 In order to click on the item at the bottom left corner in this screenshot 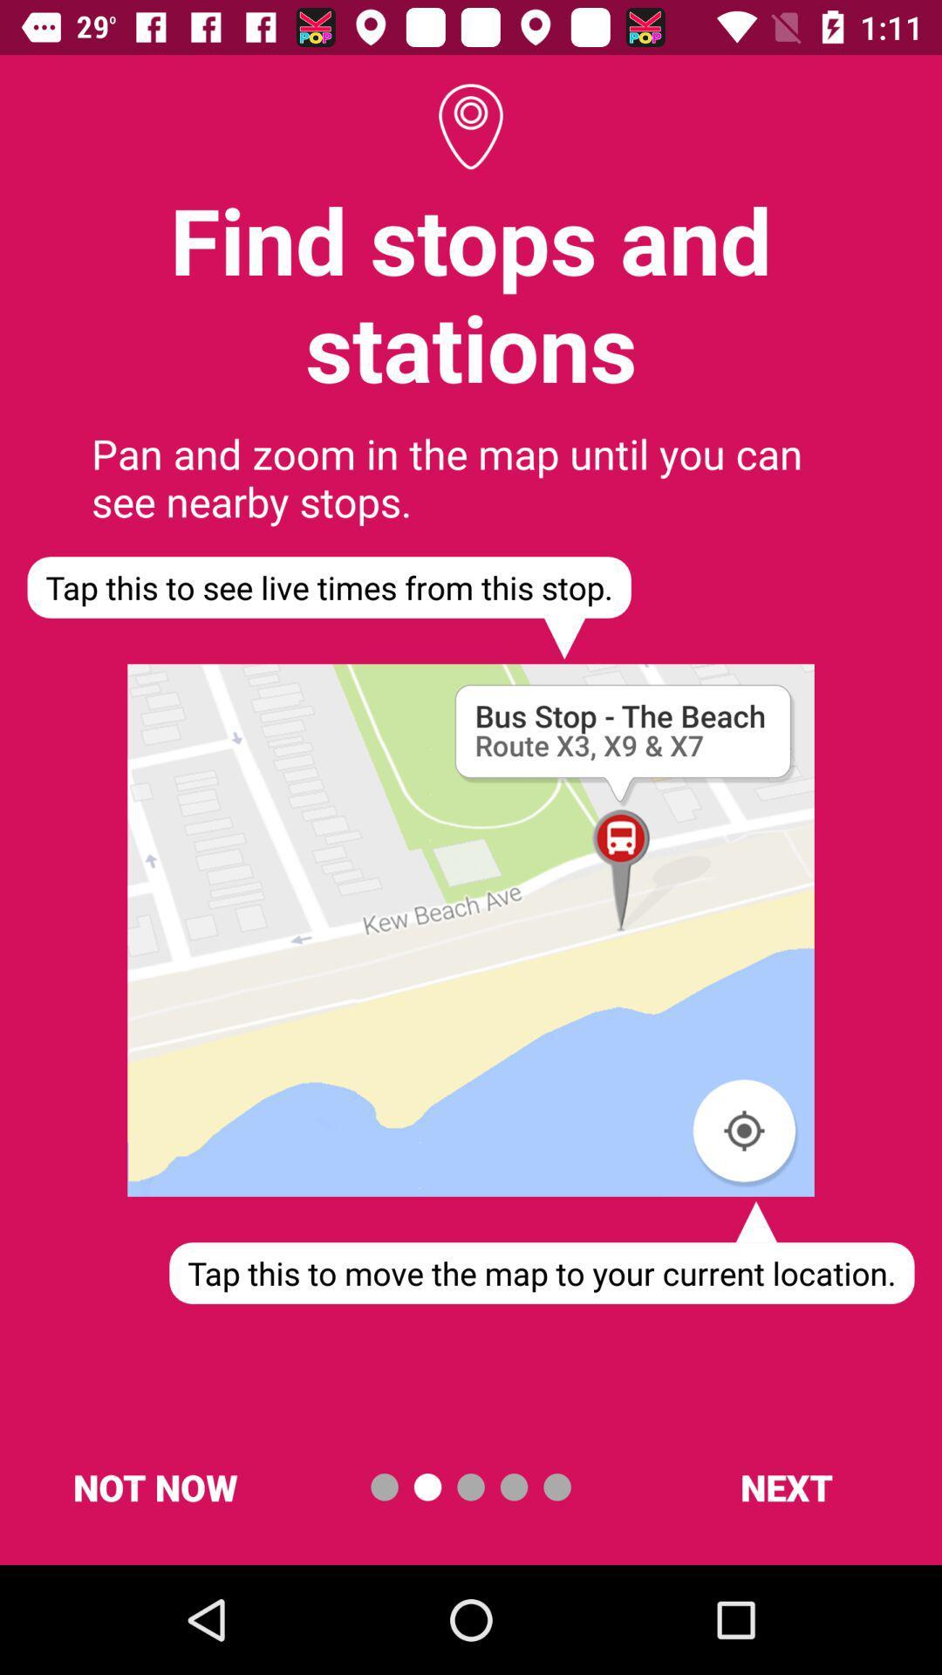, I will do `click(154, 1486)`.